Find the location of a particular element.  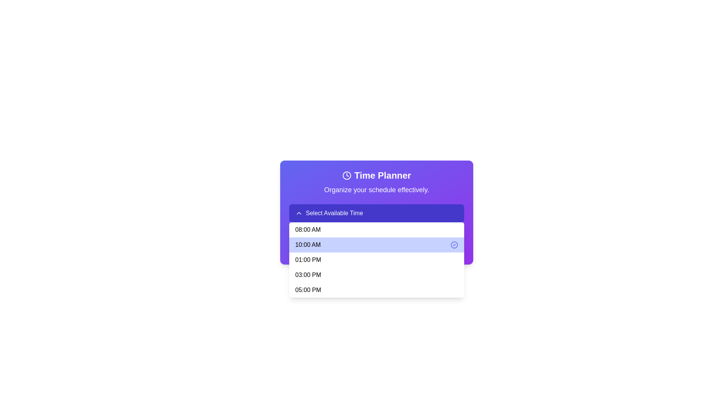

the selectable item displaying '08:00 AM' in the dropdown list under 'Select Available Time' is located at coordinates (308, 229).